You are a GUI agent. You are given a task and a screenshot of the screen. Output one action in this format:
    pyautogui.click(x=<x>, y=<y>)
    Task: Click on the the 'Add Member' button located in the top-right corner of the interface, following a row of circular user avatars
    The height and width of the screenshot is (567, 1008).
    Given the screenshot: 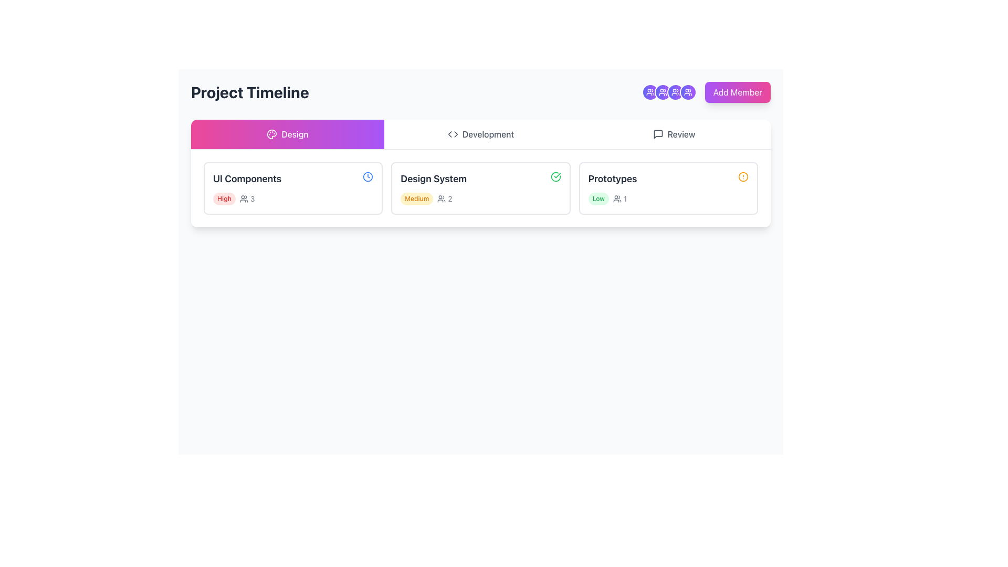 What is the action you would take?
    pyautogui.click(x=737, y=92)
    